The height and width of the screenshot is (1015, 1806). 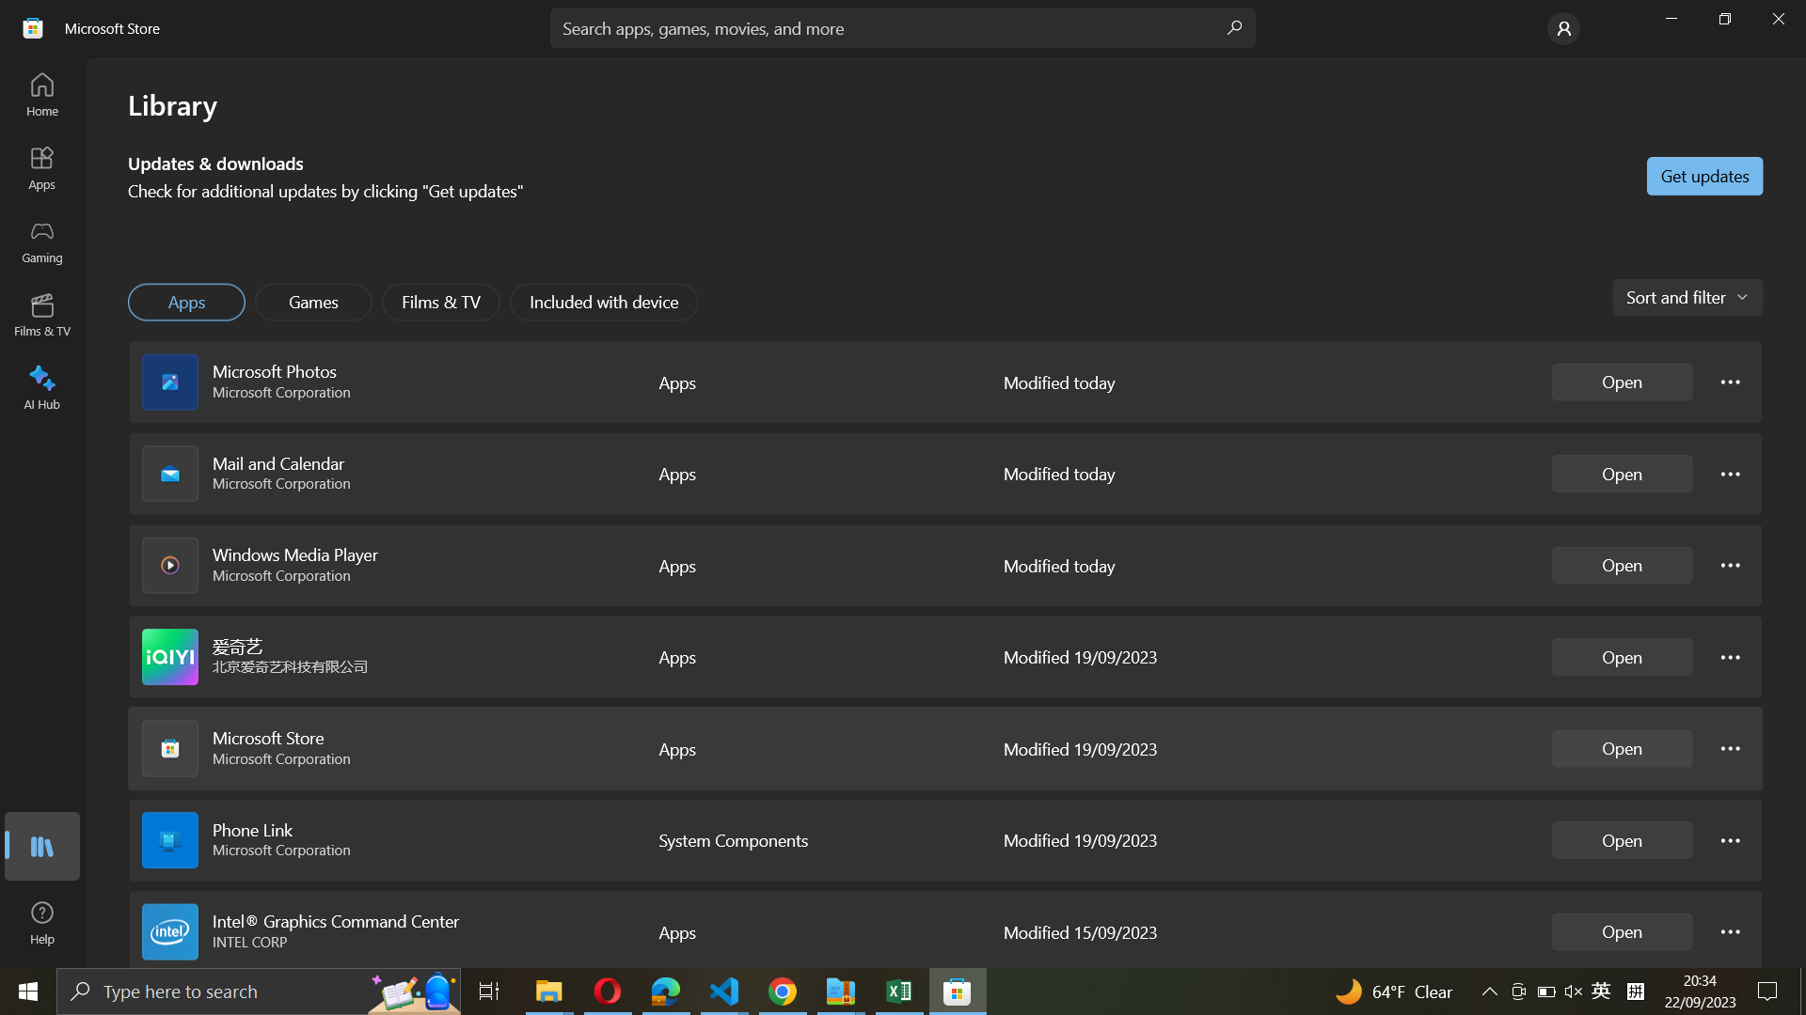 What do you see at coordinates (1730, 931) in the screenshot?
I see `Intel Graphics options` at bounding box center [1730, 931].